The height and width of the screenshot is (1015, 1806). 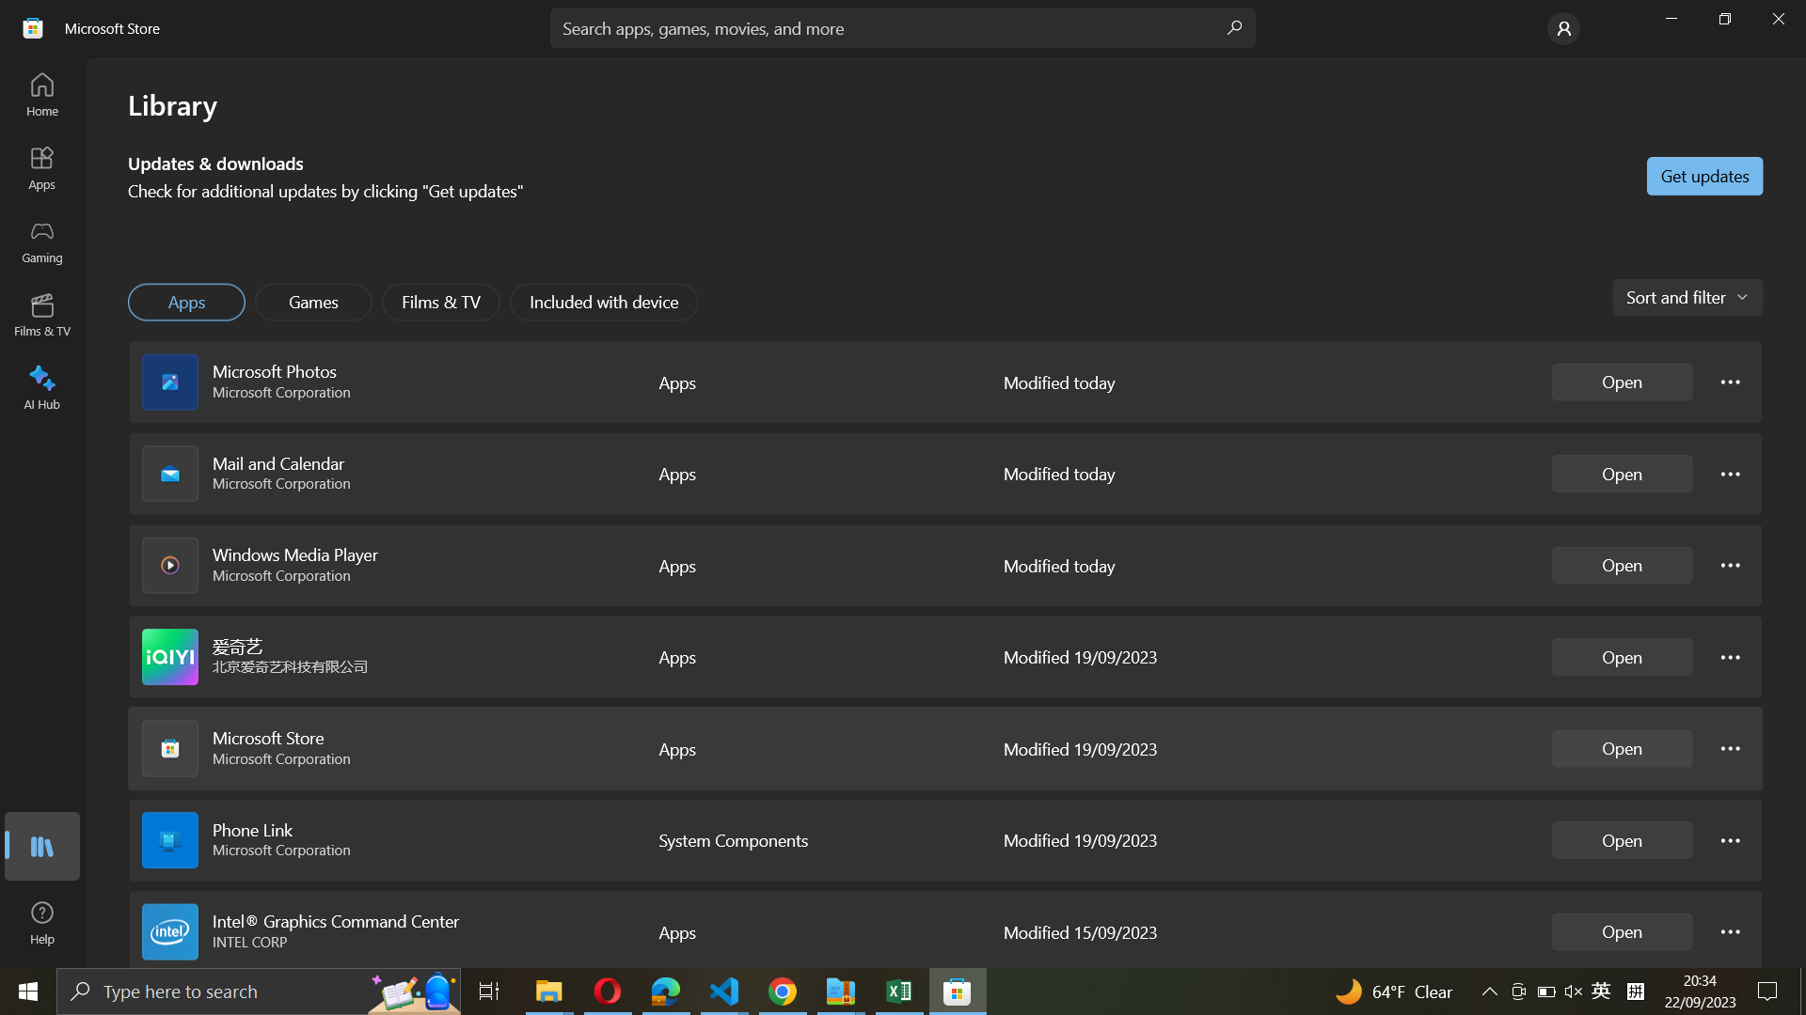 What do you see at coordinates (1730, 931) in the screenshot?
I see `Intel Graphics options` at bounding box center [1730, 931].